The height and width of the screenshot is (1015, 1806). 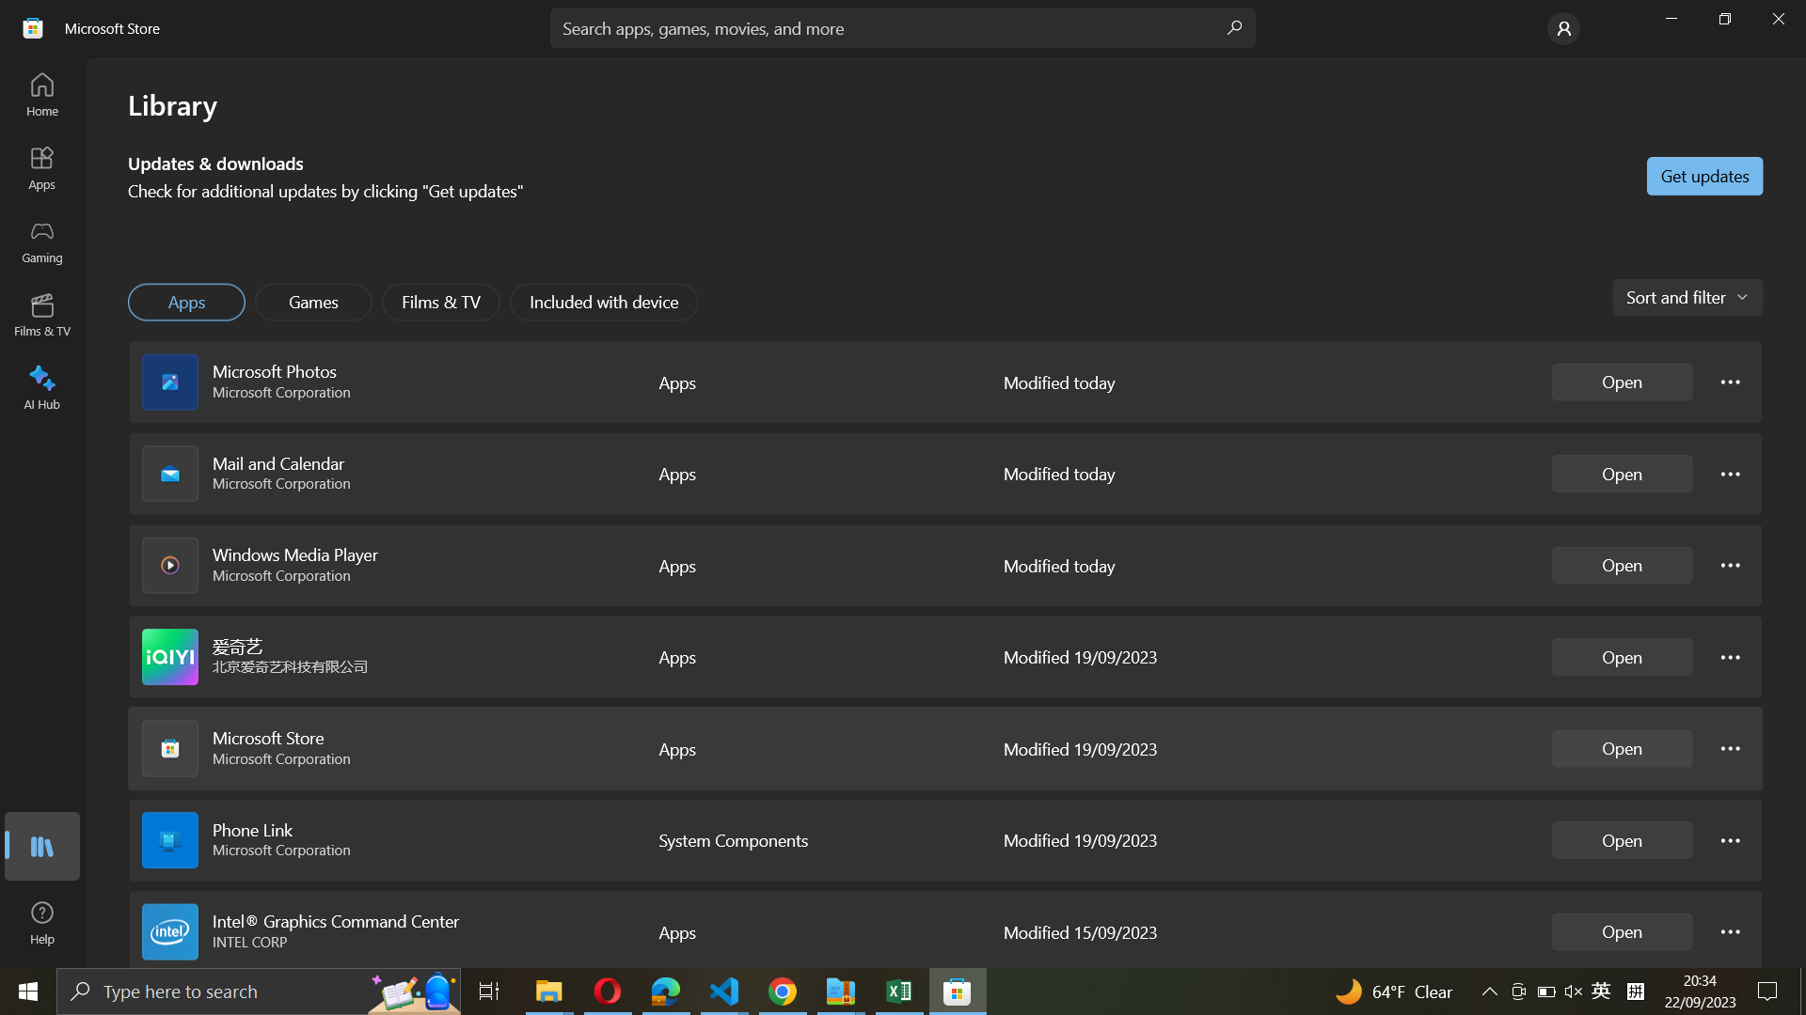 What do you see at coordinates (1730, 931) in the screenshot?
I see `Intel Graphics options` at bounding box center [1730, 931].